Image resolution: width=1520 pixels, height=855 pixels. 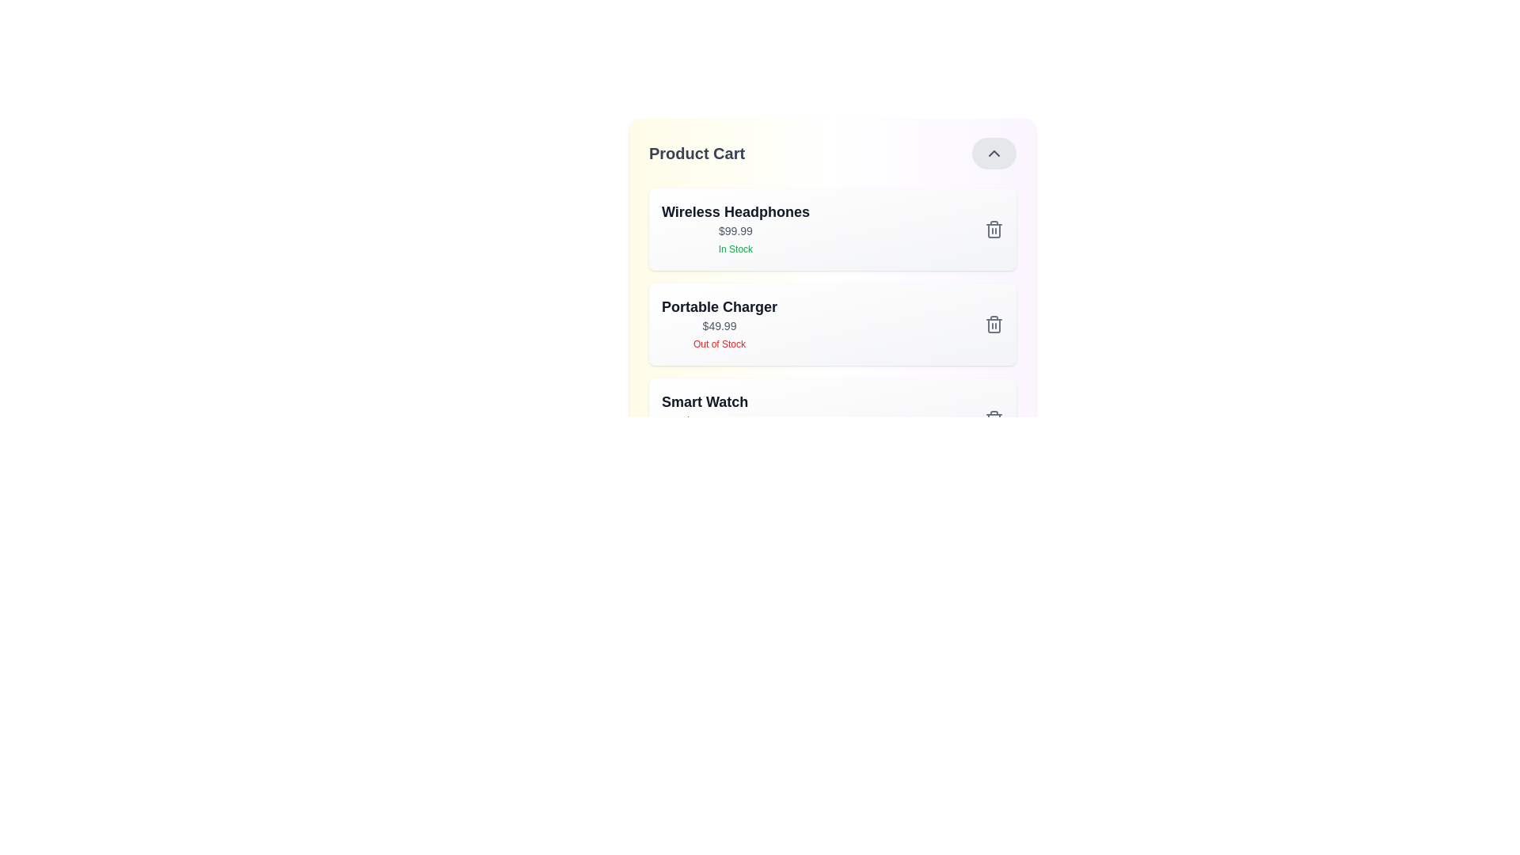 What do you see at coordinates (735, 229) in the screenshot?
I see `the details of the product Wireless Headphones` at bounding box center [735, 229].